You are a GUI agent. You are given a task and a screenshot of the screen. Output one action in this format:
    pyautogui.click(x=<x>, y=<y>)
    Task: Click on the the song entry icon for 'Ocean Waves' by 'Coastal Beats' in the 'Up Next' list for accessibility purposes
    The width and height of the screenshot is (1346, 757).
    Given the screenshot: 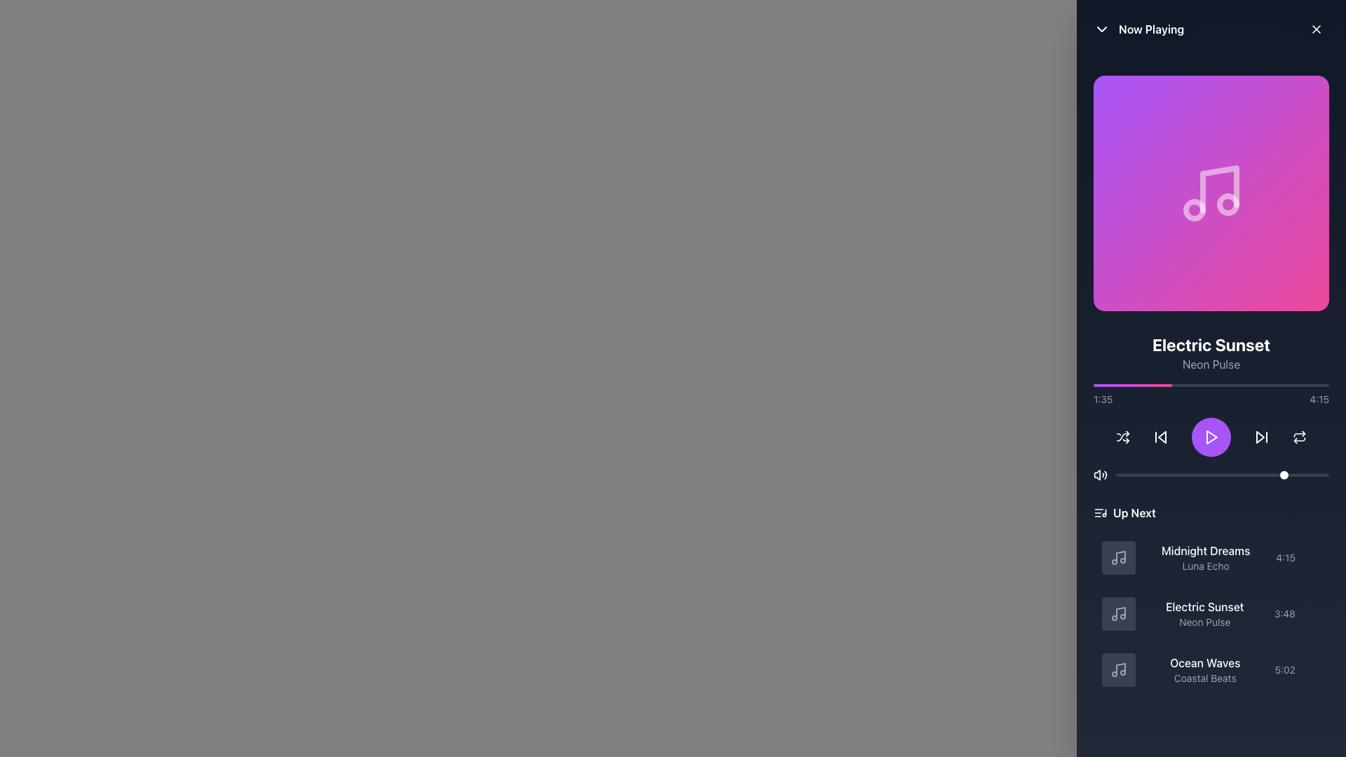 What is the action you would take?
    pyautogui.click(x=1120, y=668)
    